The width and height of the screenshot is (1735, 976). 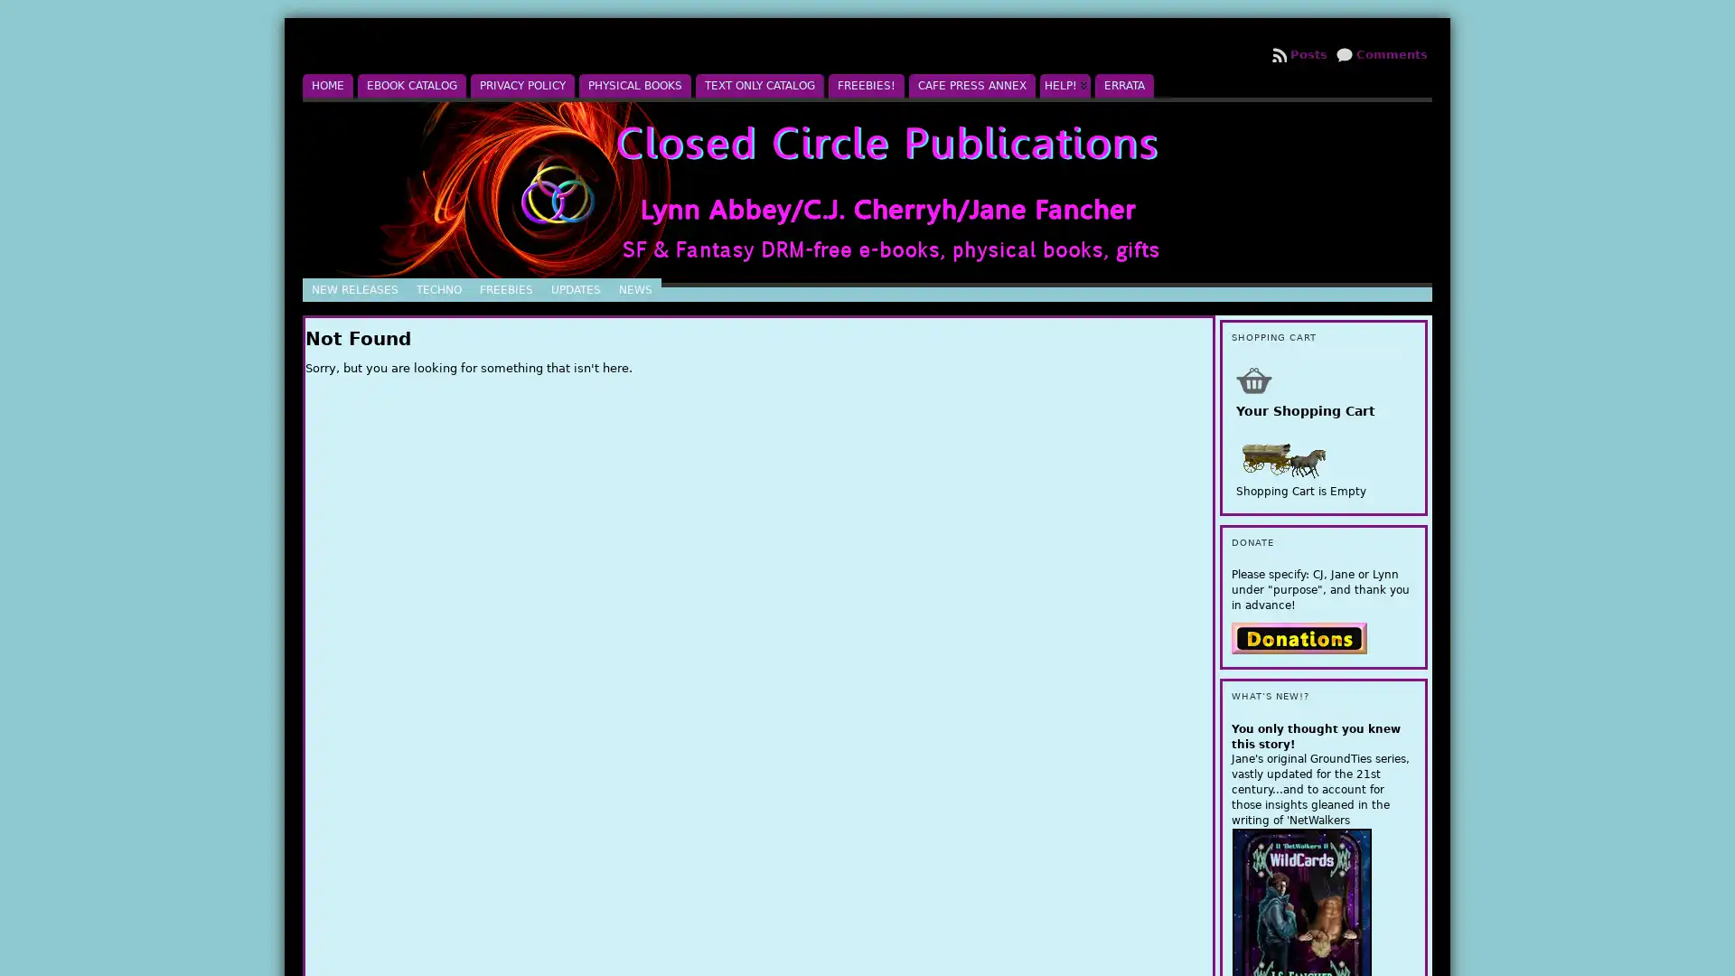 I want to click on Shopping Cart, so click(x=1252, y=379).